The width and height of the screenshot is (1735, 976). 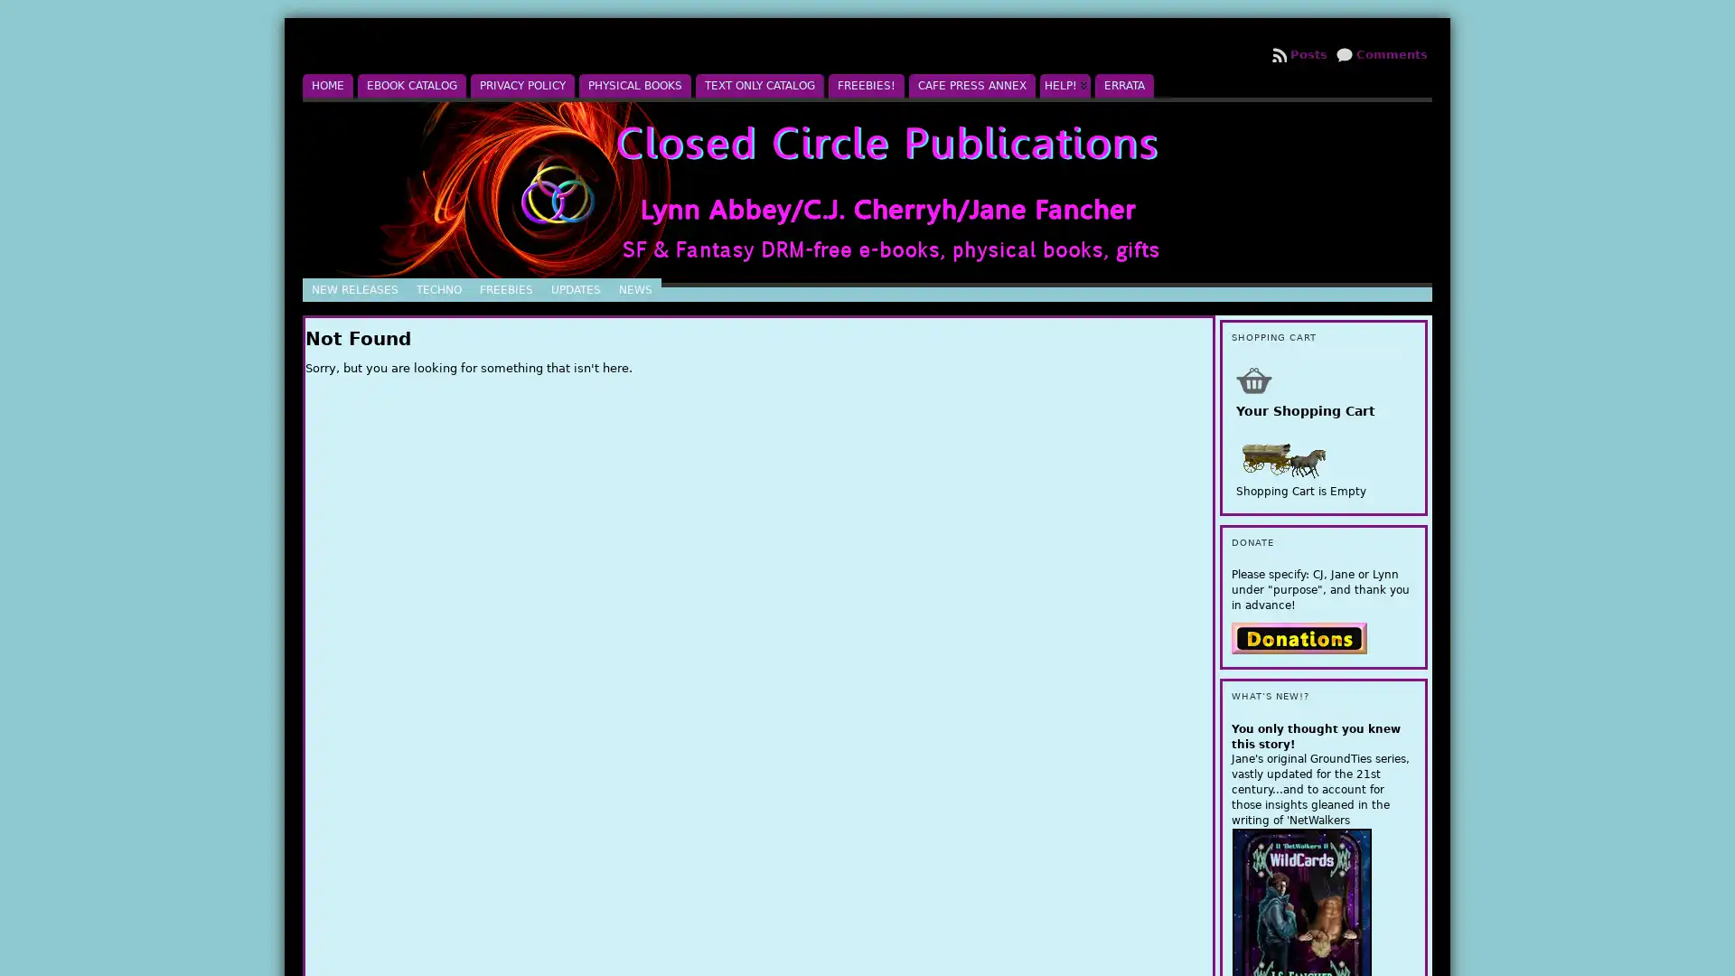 I want to click on Shopping Cart, so click(x=1252, y=379).